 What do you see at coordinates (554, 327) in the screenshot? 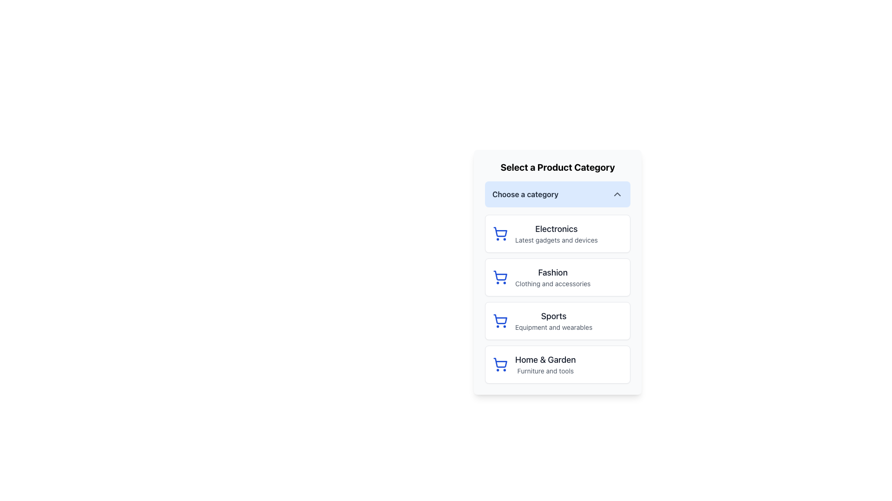
I see `text label 'Equipment and wearables' located below the main heading 'Sports' in the left-aligned section of the interface` at bounding box center [554, 327].